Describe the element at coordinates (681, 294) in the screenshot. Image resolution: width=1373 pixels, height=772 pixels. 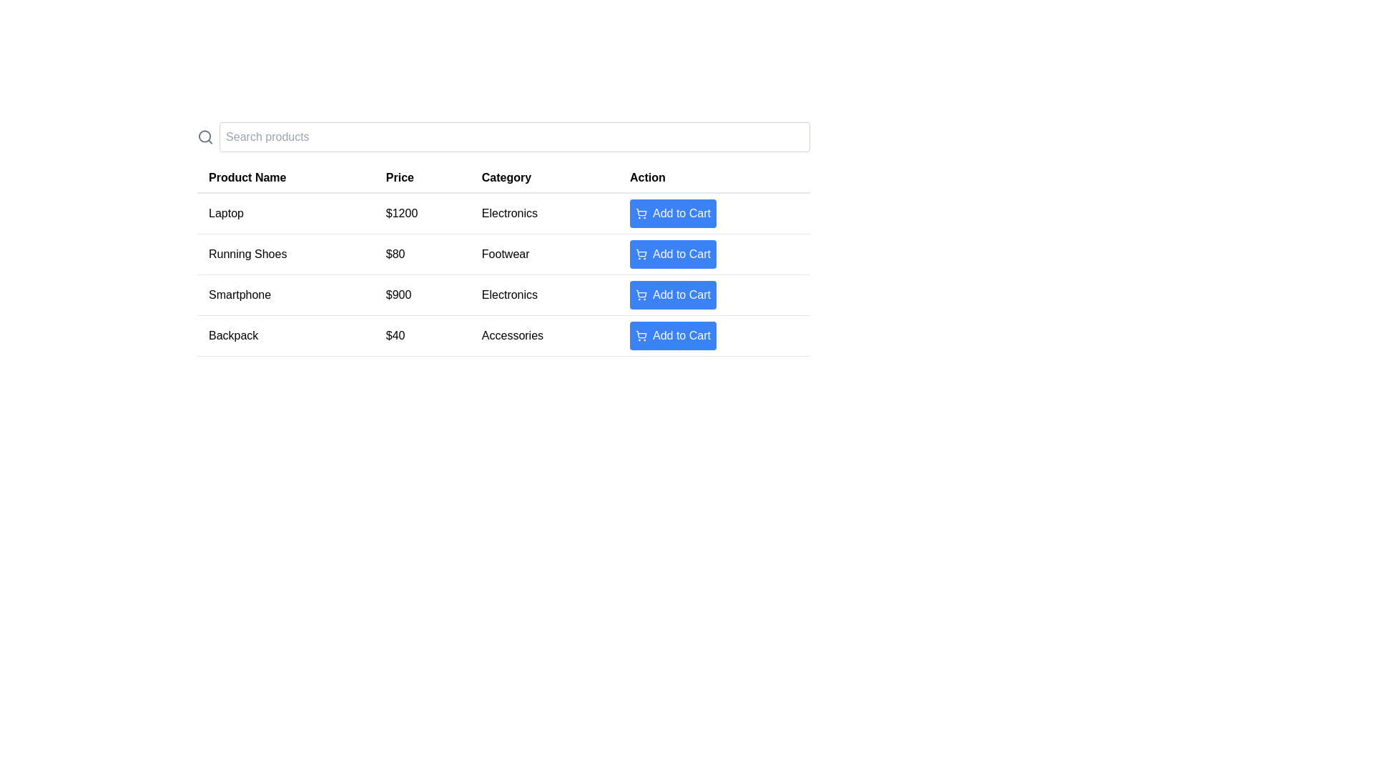
I see `the 'Add to Cart' button text label using keyboard navigation` at that location.